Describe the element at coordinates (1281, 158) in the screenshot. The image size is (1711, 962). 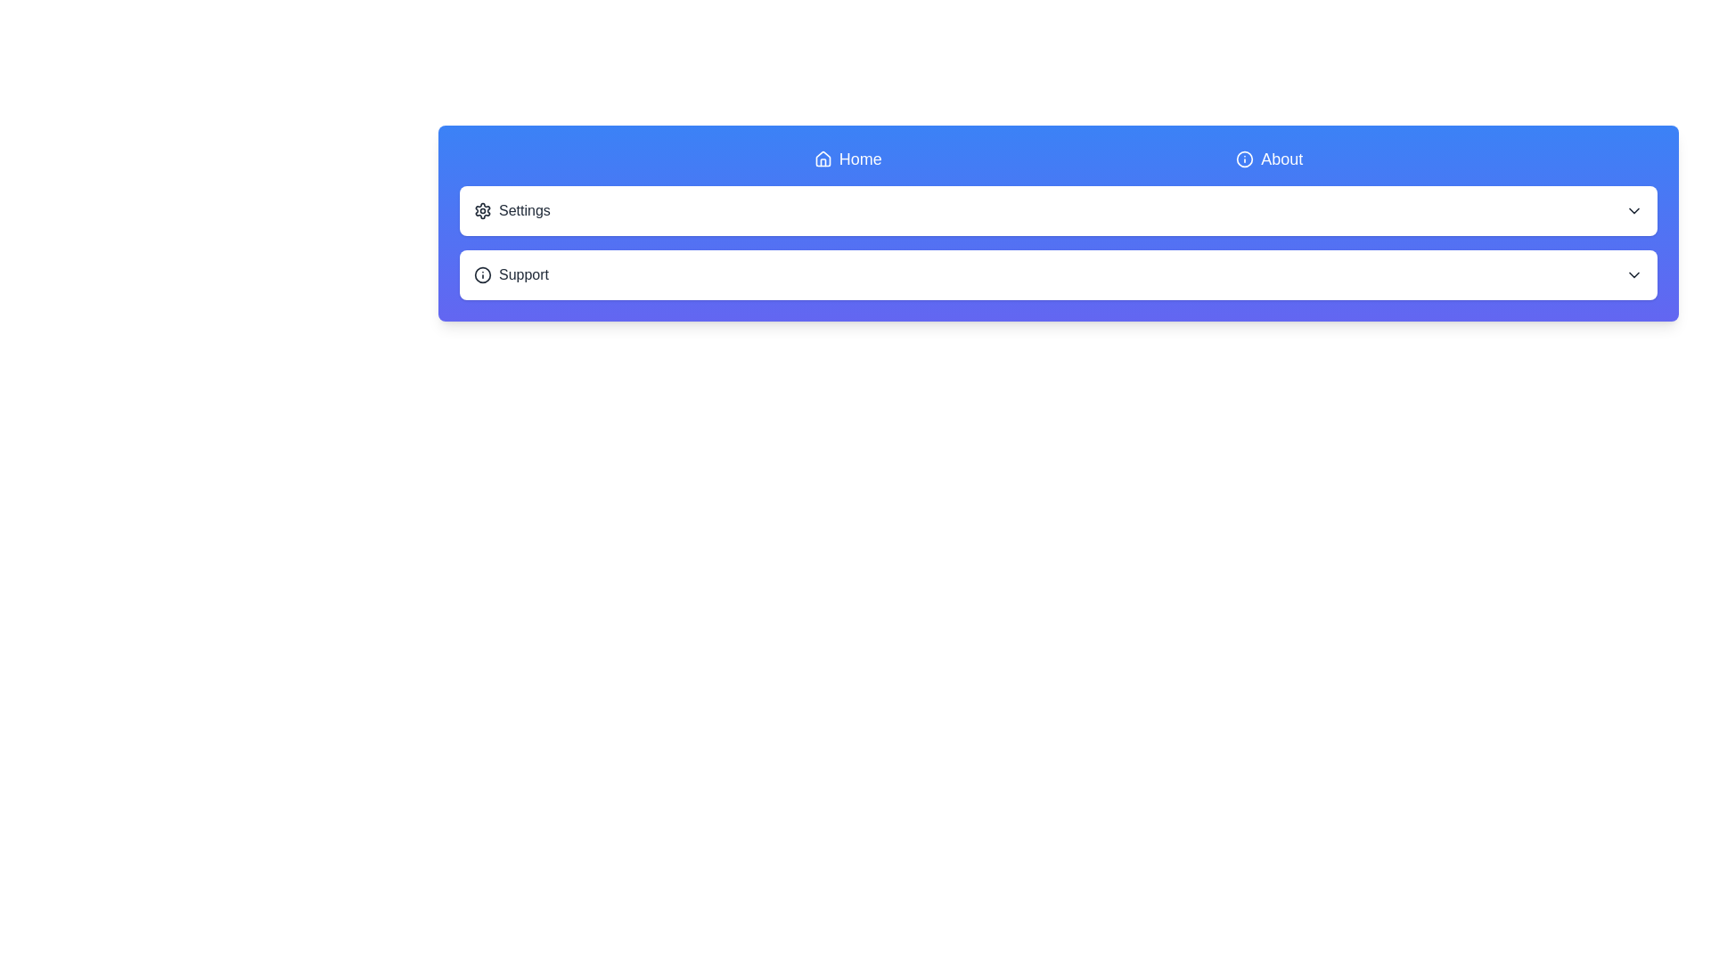
I see `the 'About' text link in the top-right menu bar` at that location.